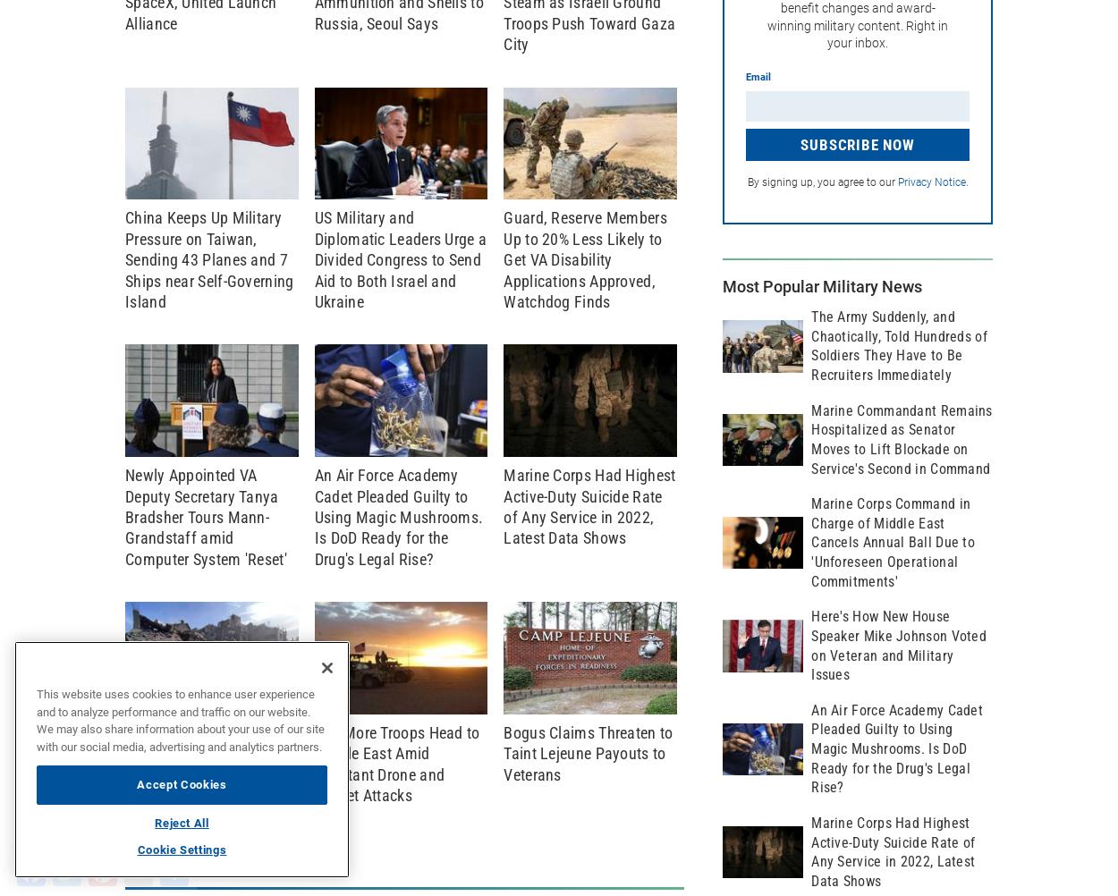  I want to click on 'The Army Suddenly, and Chaotically, Told Hundreds of Soldiers They Have to Be Recruiters Immediately', so click(899, 345).